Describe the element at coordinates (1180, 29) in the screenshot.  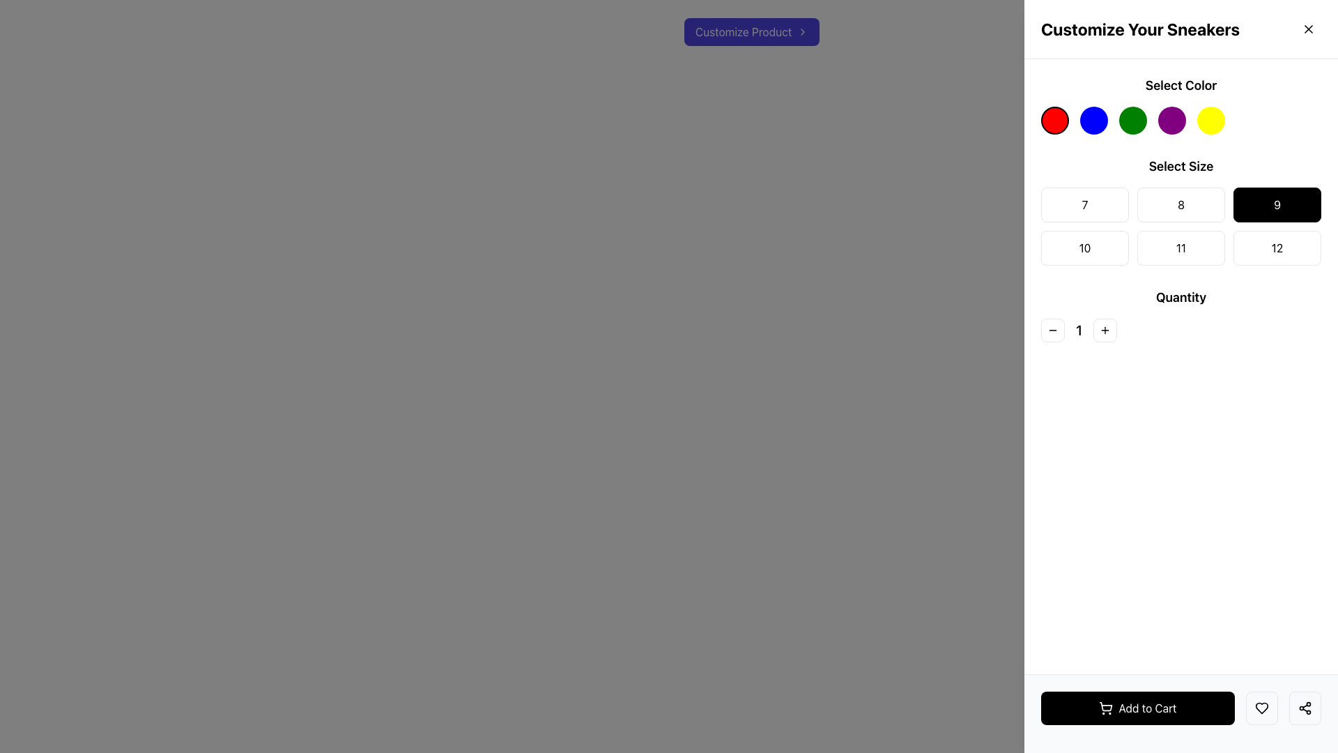
I see `text heading that serves as the title for the sneaker customization panel, located in the upper section of the right sidebar` at that location.